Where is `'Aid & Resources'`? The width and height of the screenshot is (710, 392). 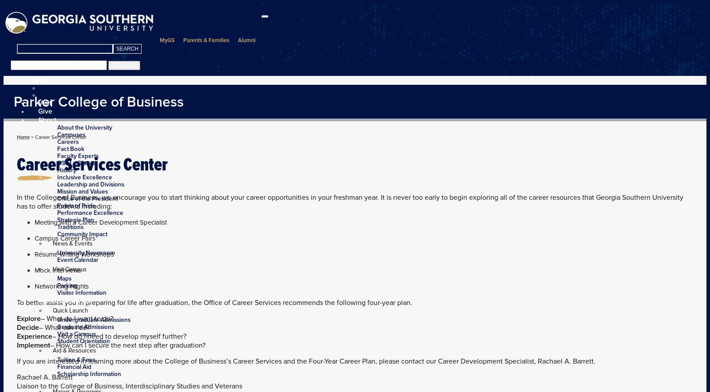 'Aid & Resources' is located at coordinates (74, 349).